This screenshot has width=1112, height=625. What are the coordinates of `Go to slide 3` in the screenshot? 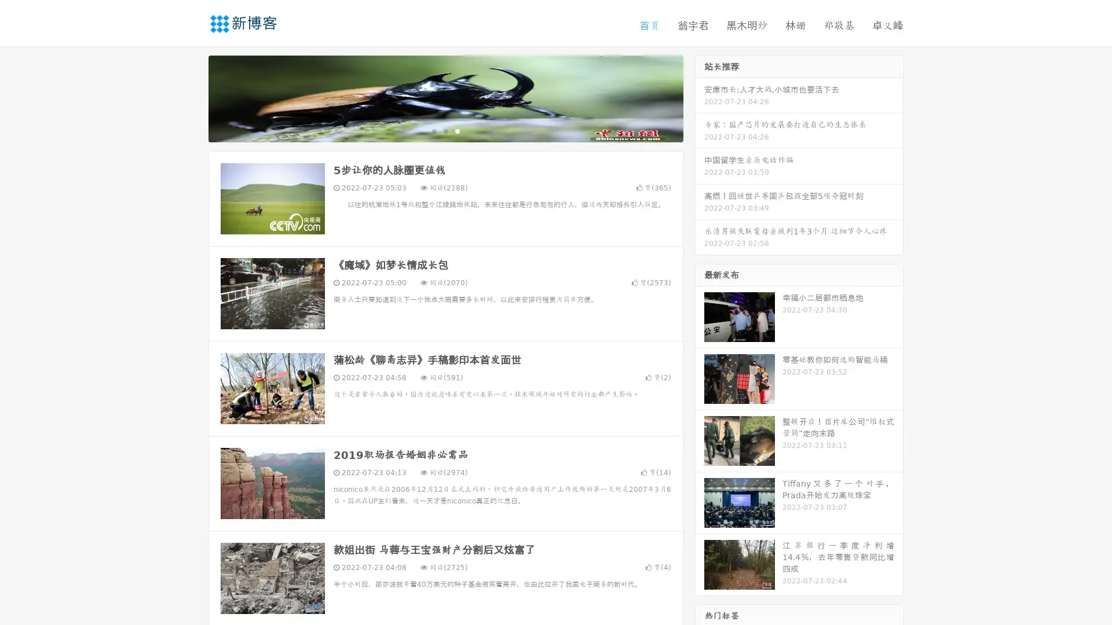 It's located at (457, 130).